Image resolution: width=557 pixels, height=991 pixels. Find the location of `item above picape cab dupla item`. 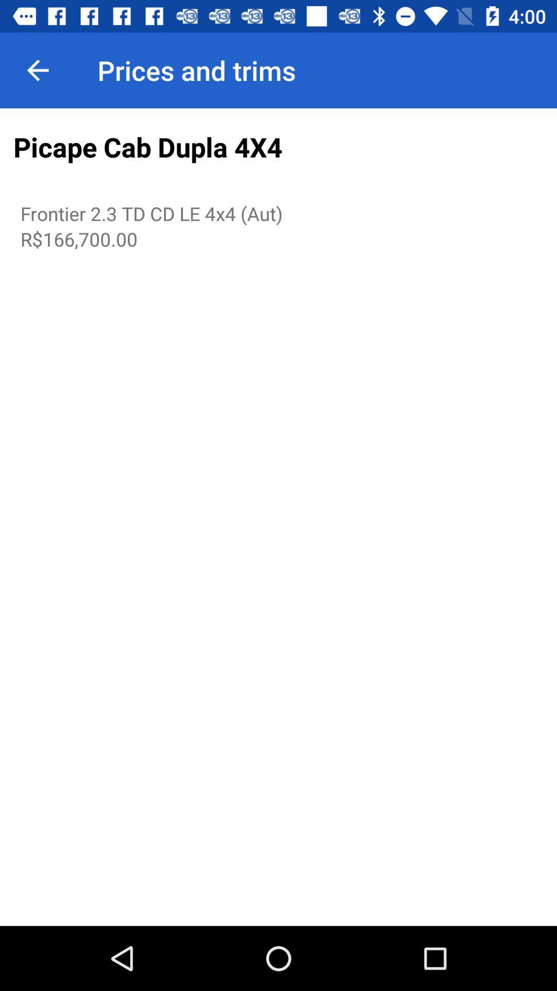

item above picape cab dupla item is located at coordinates (37, 70).